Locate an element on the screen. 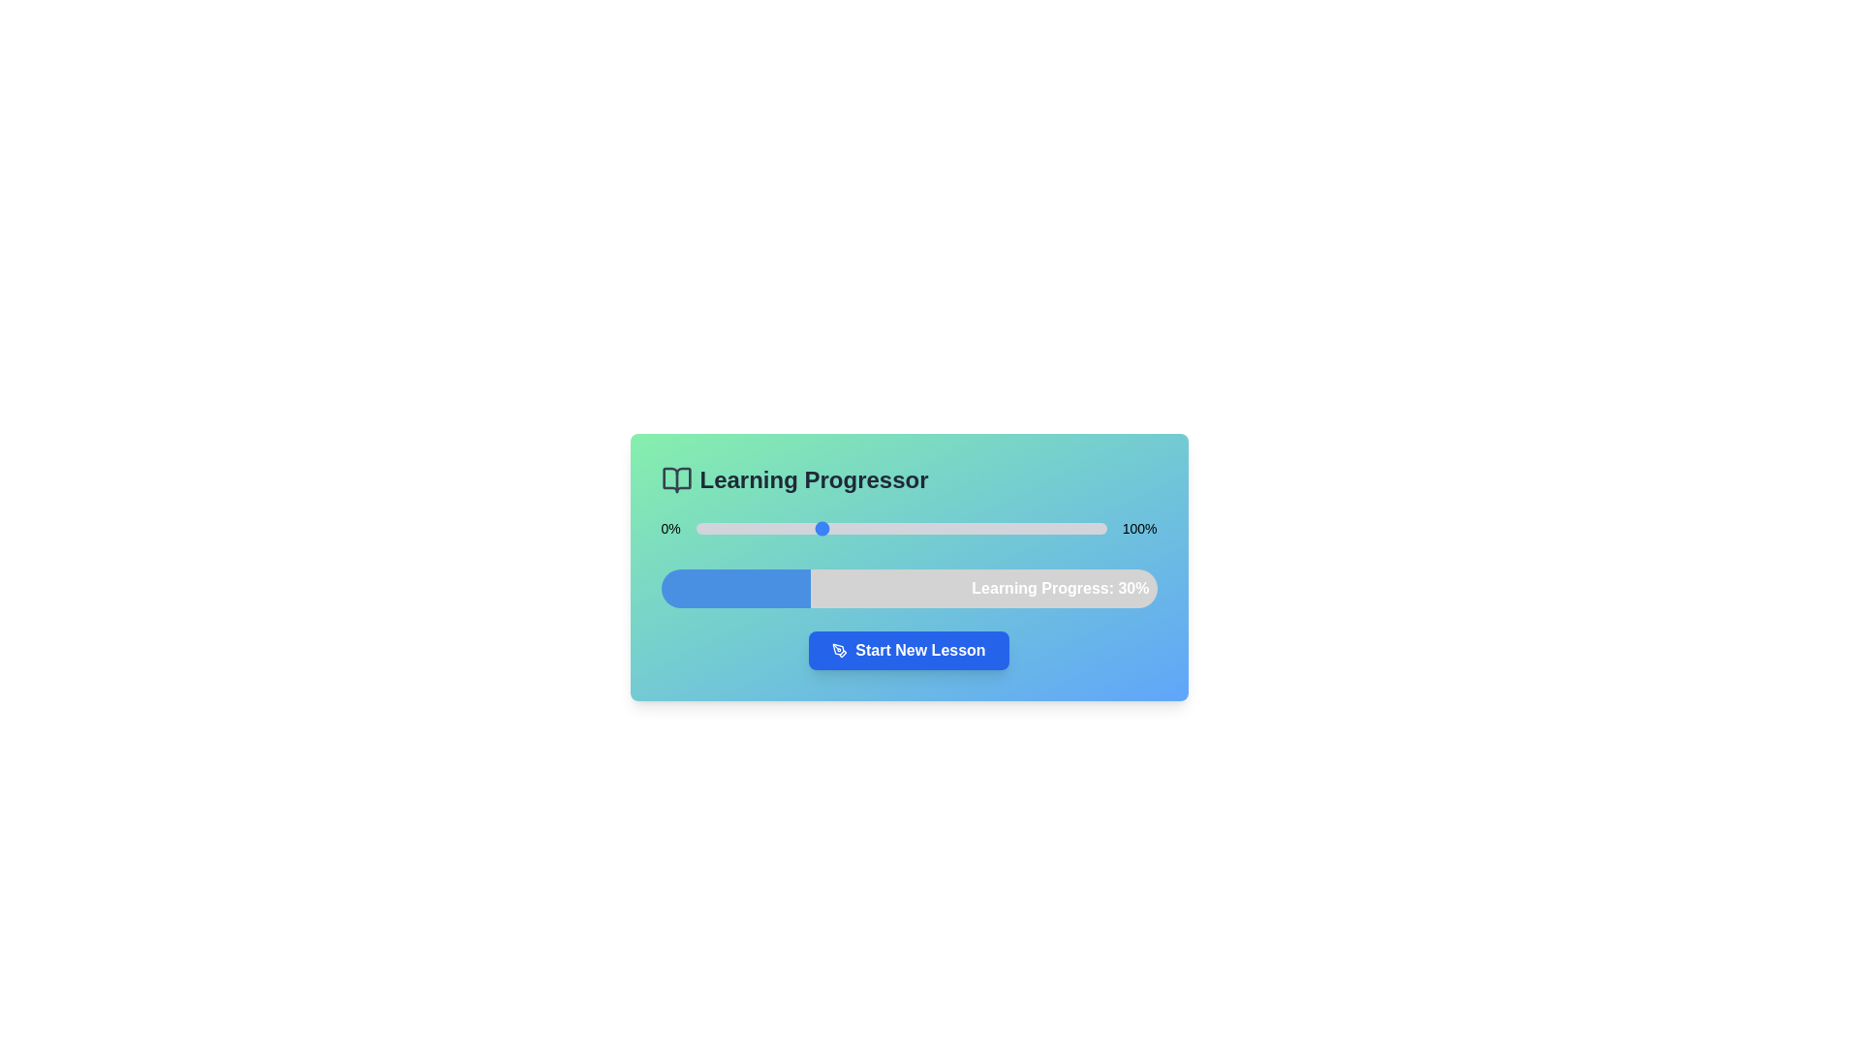 This screenshot has width=1860, height=1046. the progress slider to set the progress to 13% is located at coordinates (748, 529).